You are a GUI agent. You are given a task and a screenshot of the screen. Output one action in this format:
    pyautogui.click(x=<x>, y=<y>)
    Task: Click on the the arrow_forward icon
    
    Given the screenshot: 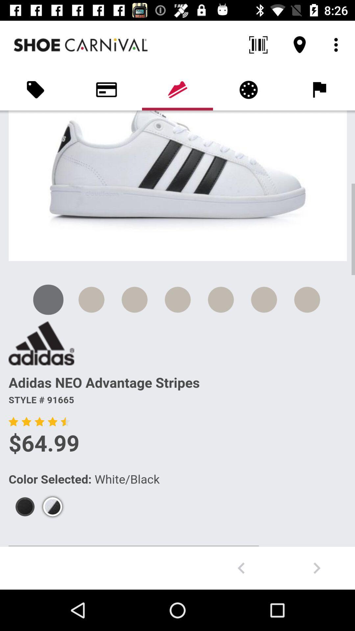 What is the action you would take?
    pyautogui.click(x=317, y=568)
    